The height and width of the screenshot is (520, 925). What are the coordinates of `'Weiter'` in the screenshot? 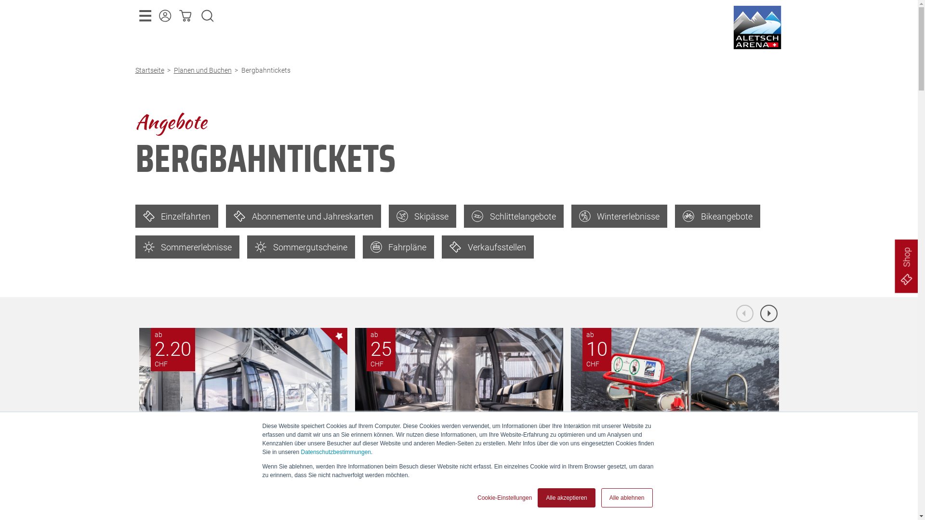 It's located at (768, 313).